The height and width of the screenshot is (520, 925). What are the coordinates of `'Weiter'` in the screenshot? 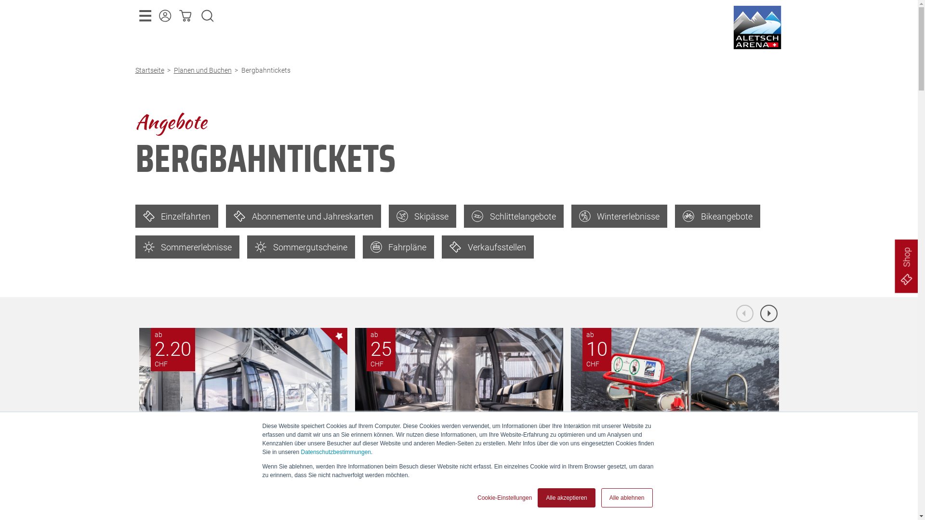 It's located at (768, 313).